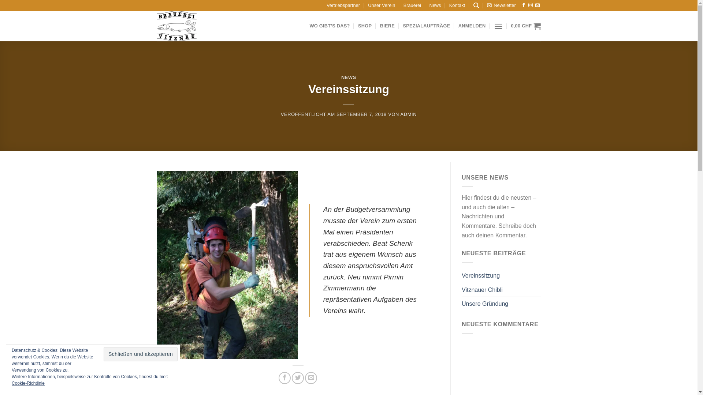 The image size is (703, 395). What do you see at coordinates (412, 5) in the screenshot?
I see `'Brauerei'` at bounding box center [412, 5].